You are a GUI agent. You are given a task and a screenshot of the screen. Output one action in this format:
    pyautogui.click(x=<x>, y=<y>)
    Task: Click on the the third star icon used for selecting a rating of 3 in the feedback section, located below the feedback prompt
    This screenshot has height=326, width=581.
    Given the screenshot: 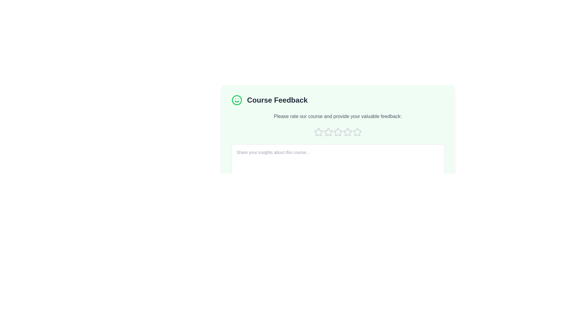 What is the action you would take?
    pyautogui.click(x=328, y=132)
    